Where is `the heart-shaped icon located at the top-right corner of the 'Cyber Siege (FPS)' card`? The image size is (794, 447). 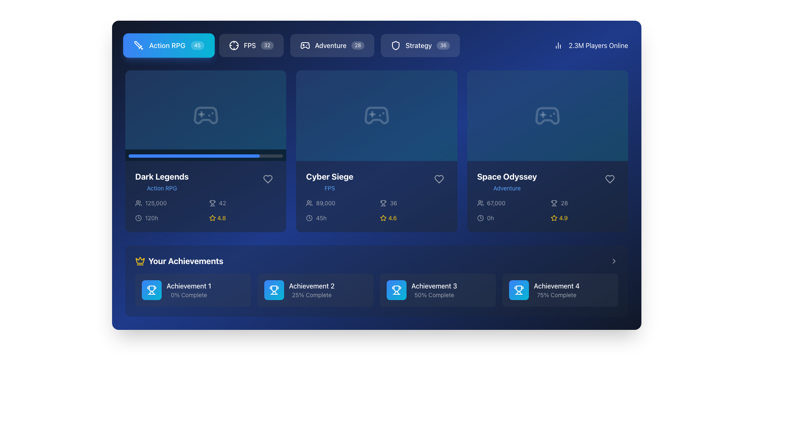 the heart-shaped icon located at the top-right corner of the 'Cyber Siege (FPS)' card is located at coordinates (438, 178).